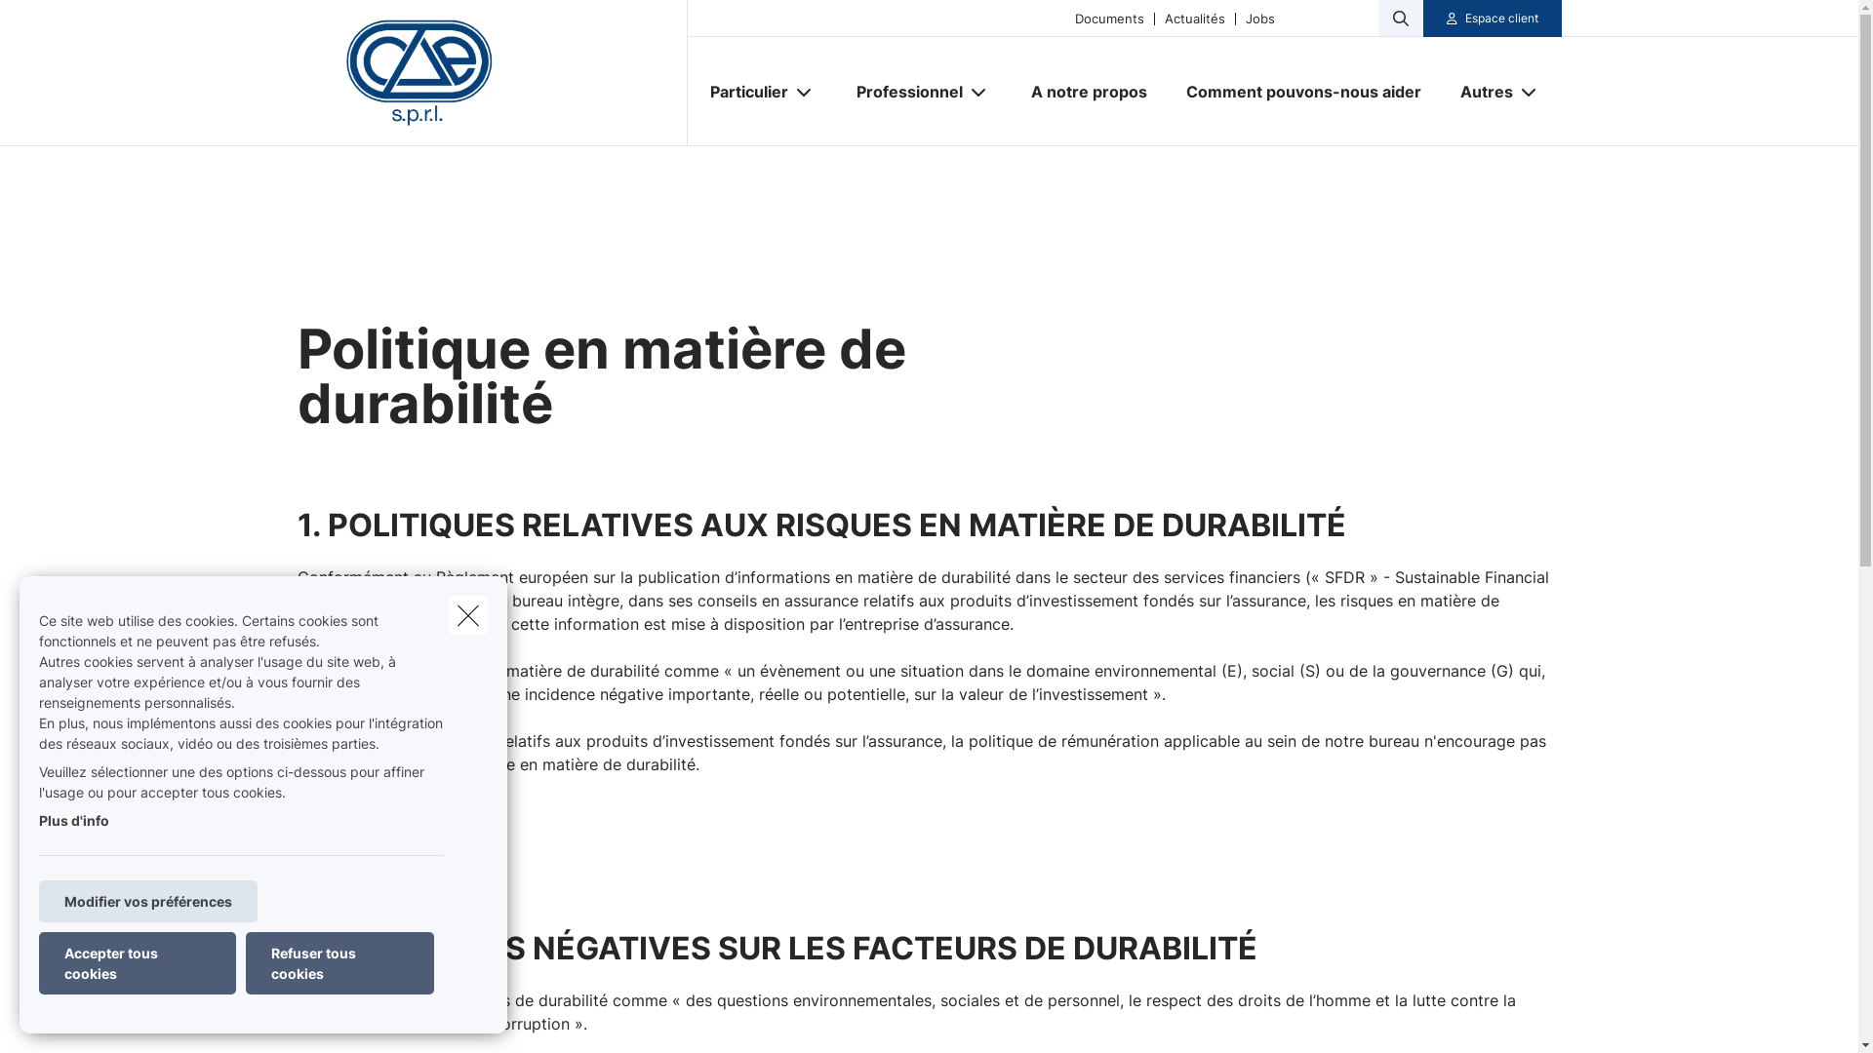 The width and height of the screenshot is (1873, 1053). I want to click on 'Documents', so click(1109, 18).